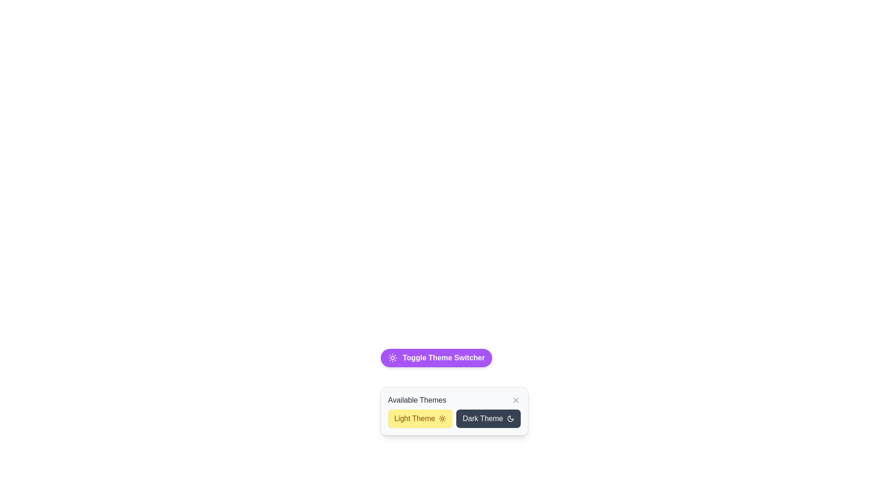  What do you see at coordinates (510, 419) in the screenshot?
I see `the moon-shaped icon within the 'Dark Theme' button, which is positioned to the right of the 'Dark Theme' text` at bounding box center [510, 419].